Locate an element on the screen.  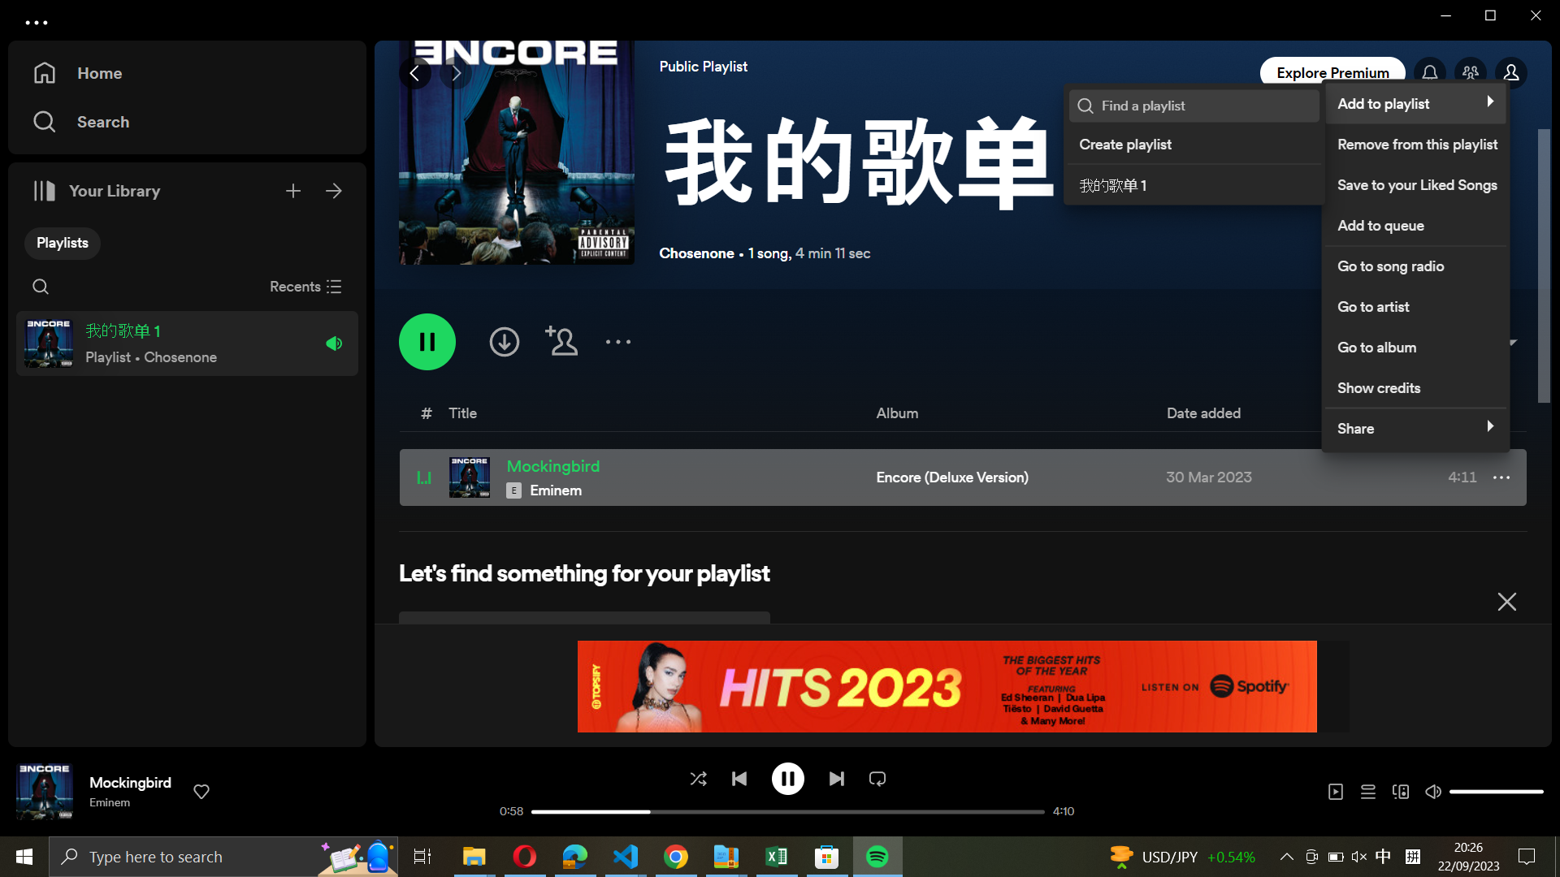
Close the ad is located at coordinates (1506, 598).